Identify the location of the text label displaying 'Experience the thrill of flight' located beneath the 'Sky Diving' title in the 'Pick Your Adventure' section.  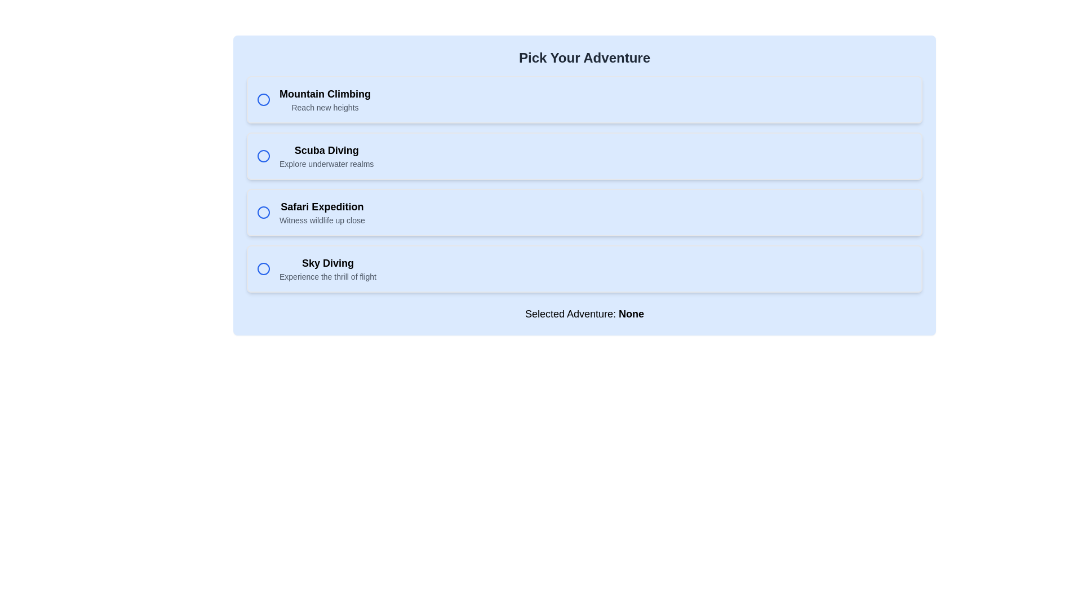
(327, 276).